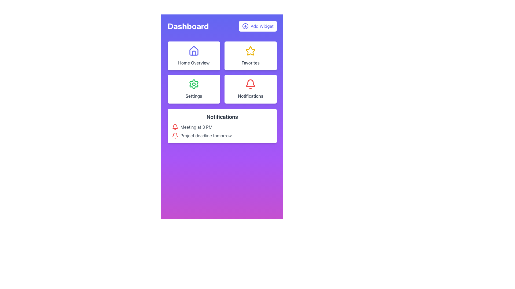  What do you see at coordinates (250, 96) in the screenshot?
I see `the 'Notifications' text label, which is displayed in a medium-weighted gray font below a bell icon and centered within a card-like interface` at bounding box center [250, 96].